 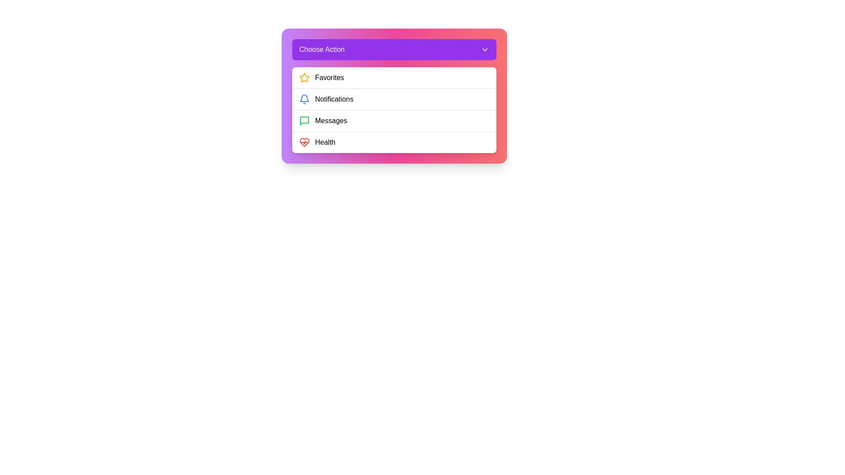 What do you see at coordinates (394, 110) in the screenshot?
I see `the 'Notifications' dropdown menu item located within the 'Choose Action' dropdown` at bounding box center [394, 110].